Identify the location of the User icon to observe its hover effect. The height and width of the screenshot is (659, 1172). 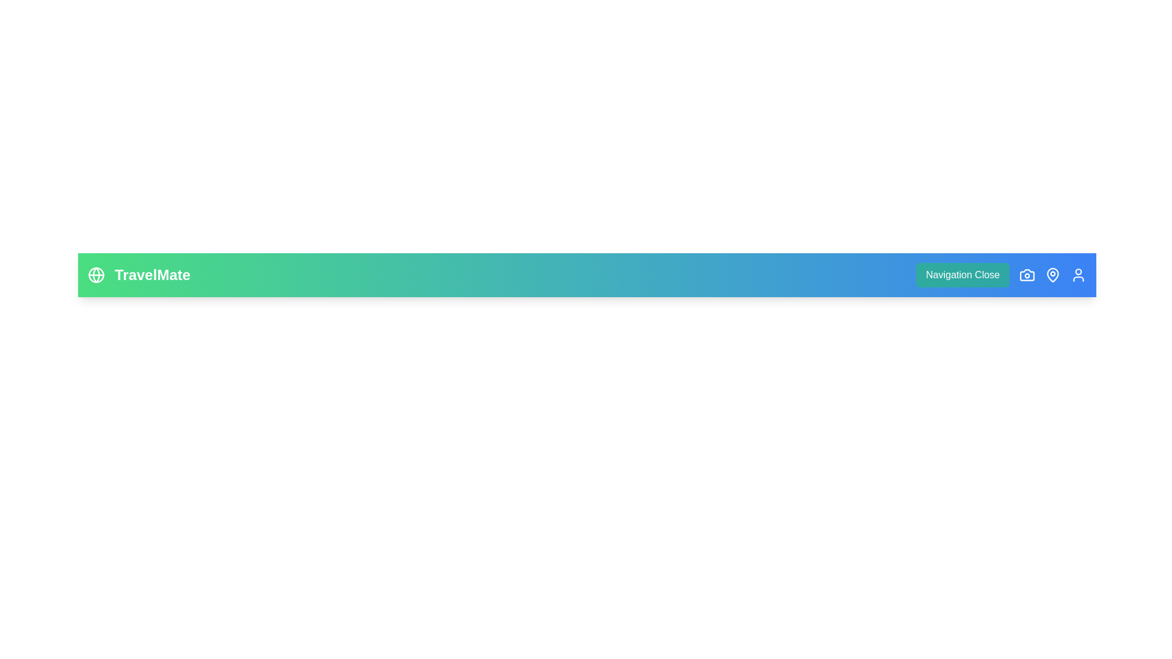
(1078, 275).